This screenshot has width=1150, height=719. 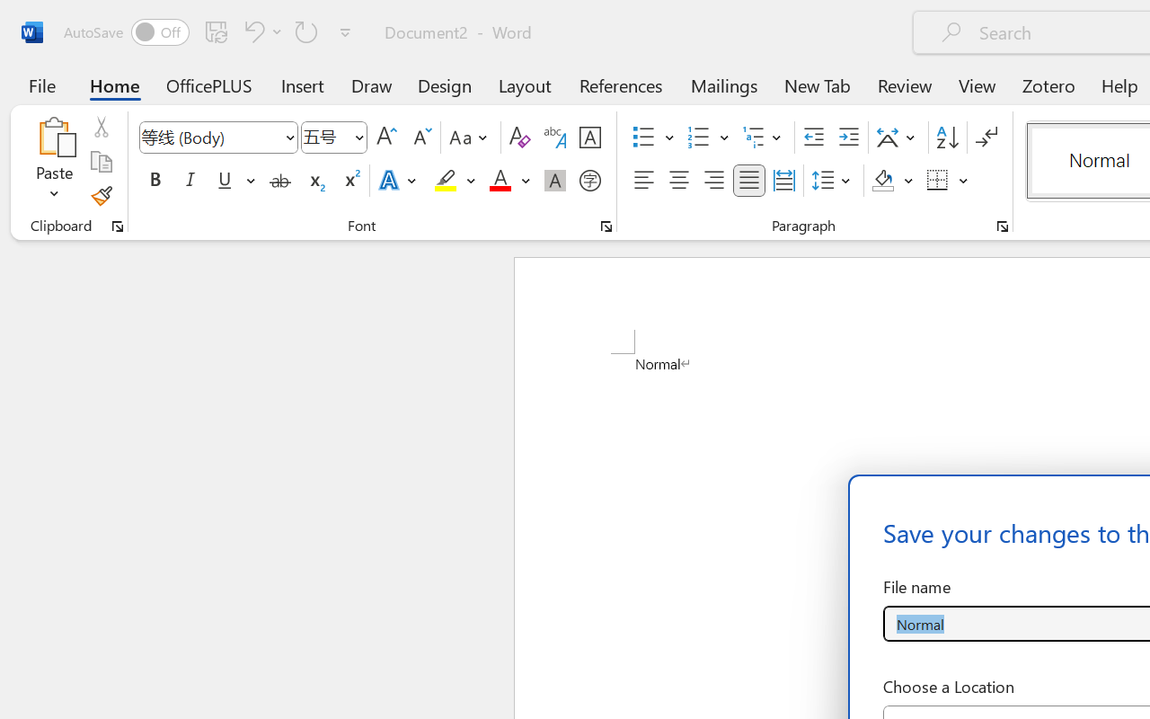 I want to click on 'Justify', so click(x=749, y=181).